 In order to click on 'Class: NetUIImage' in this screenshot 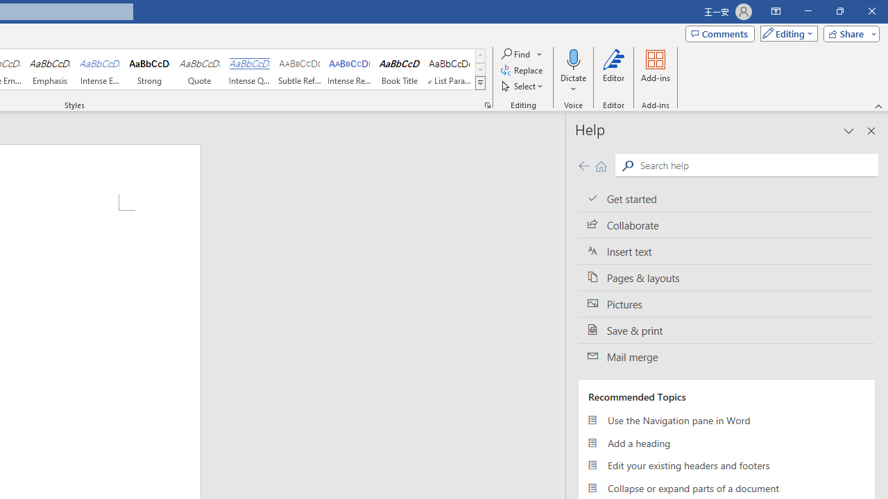, I will do `click(481, 82)`.